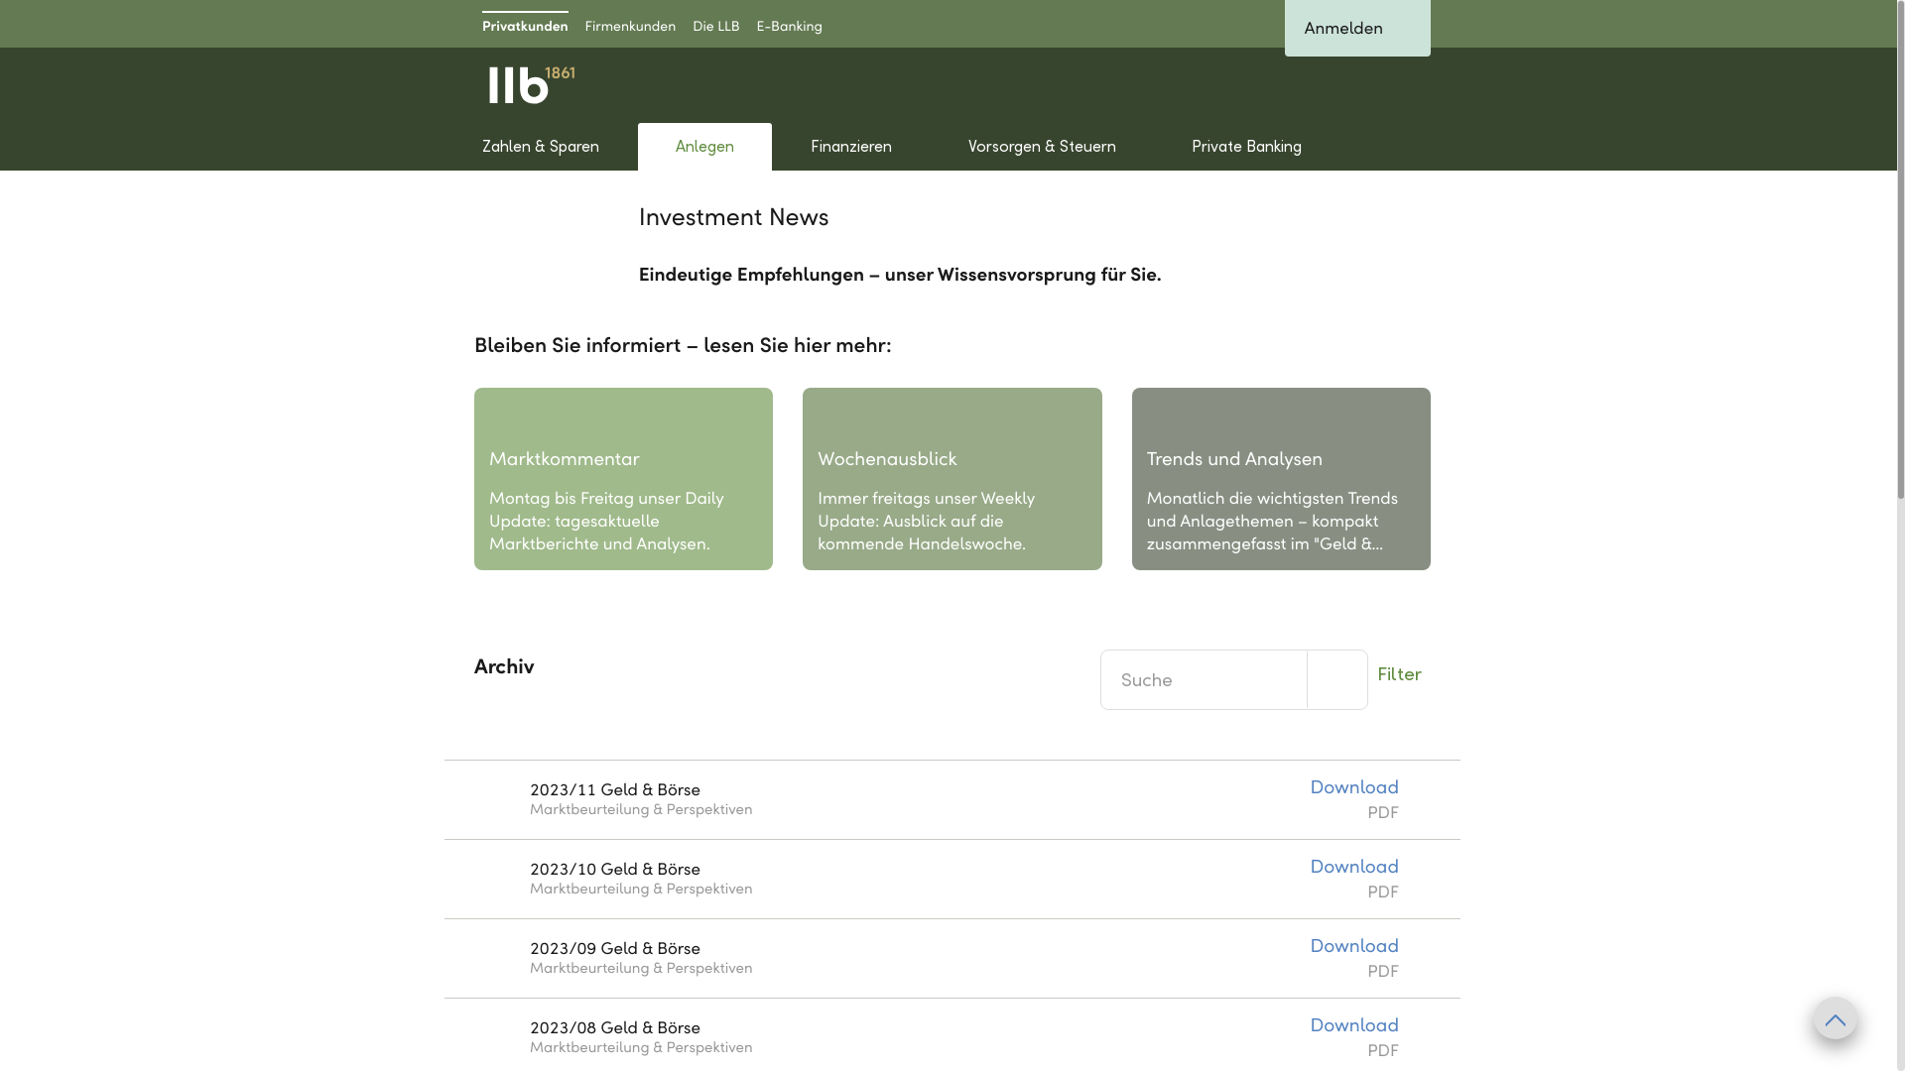 The image size is (1905, 1071). What do you see at coordinates (1153, 145) in the screenshot?
I see `'Private Banking'` at bounding box center [1153, 145].